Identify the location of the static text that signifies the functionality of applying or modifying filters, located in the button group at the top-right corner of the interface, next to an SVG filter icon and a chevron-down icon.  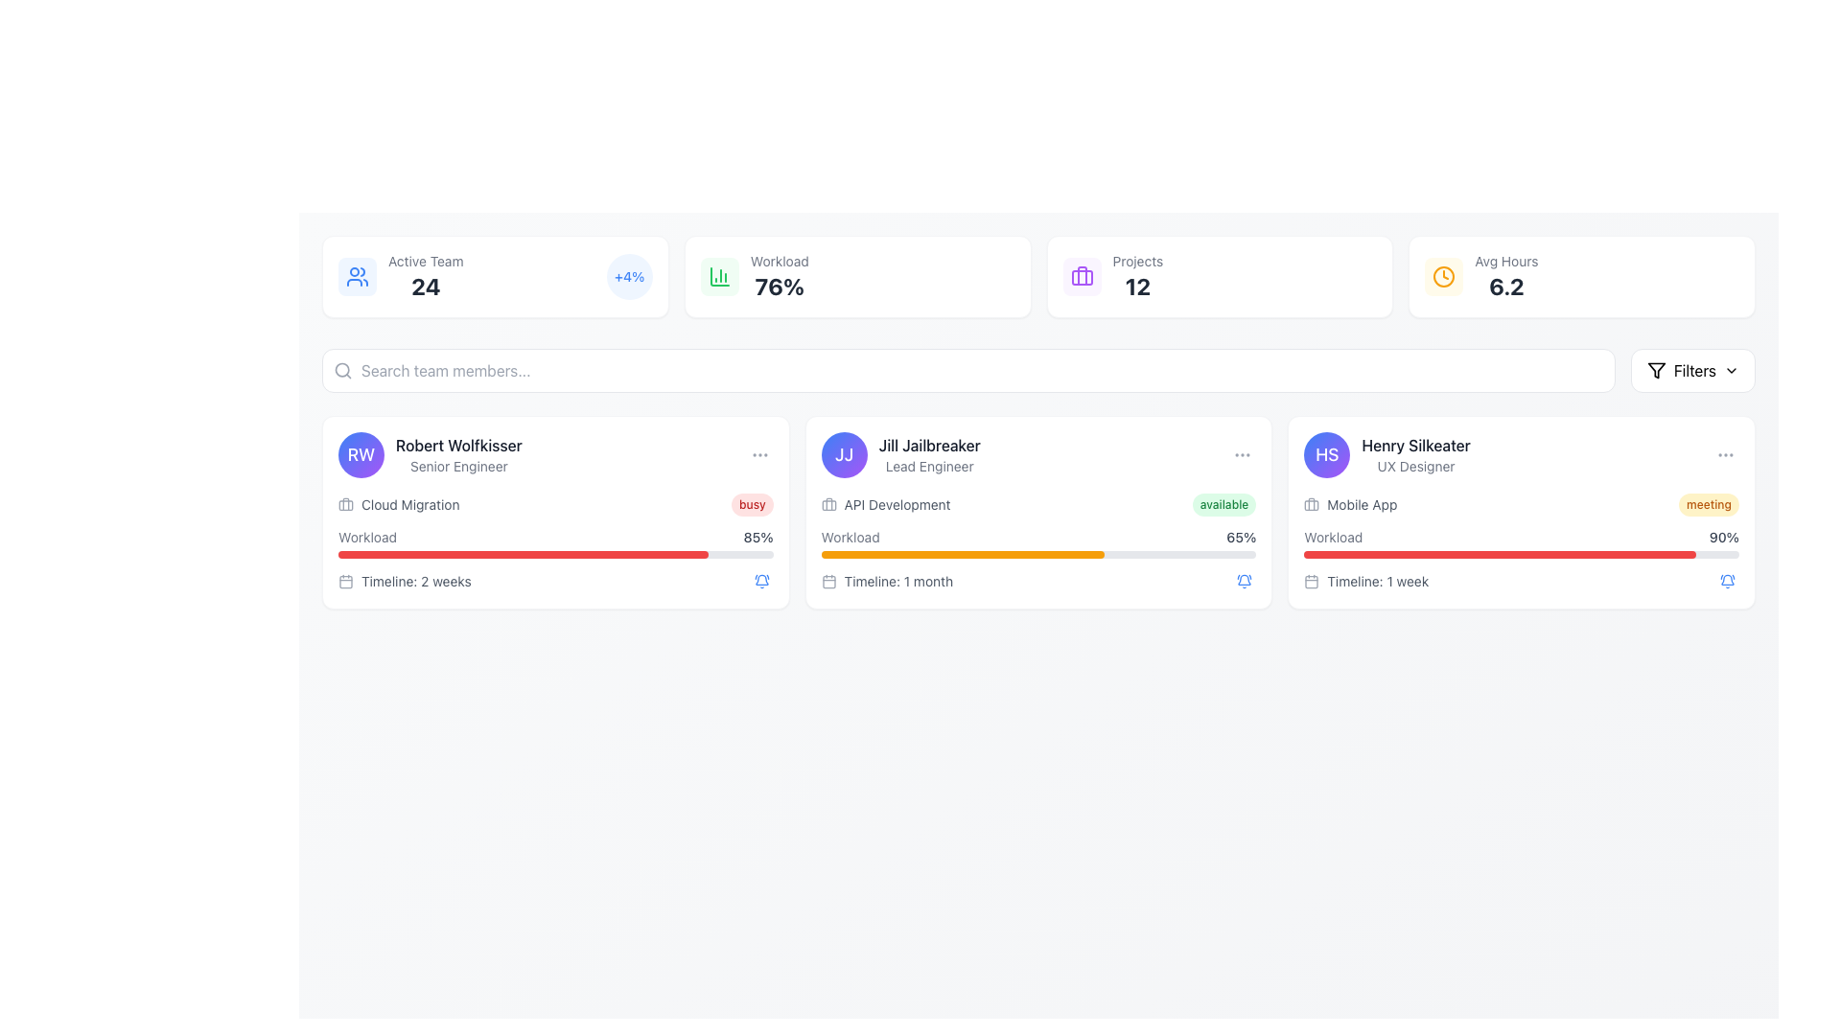
(1694, 370).